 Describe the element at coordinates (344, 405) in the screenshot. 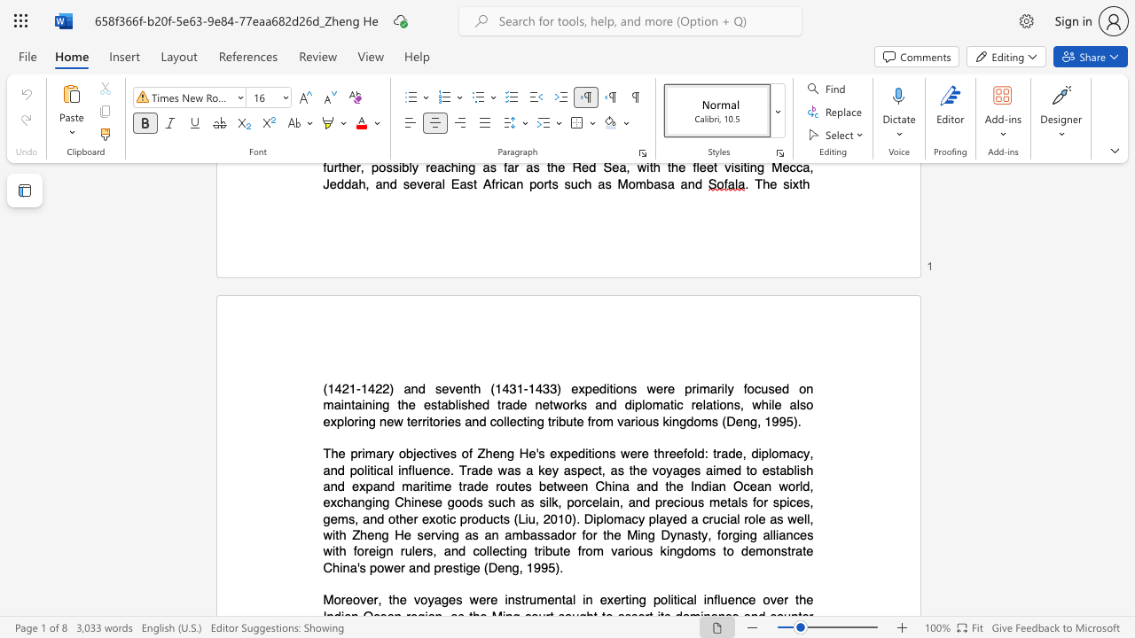

I see `the subset text "nt" within the text "maintaining"` at that location.